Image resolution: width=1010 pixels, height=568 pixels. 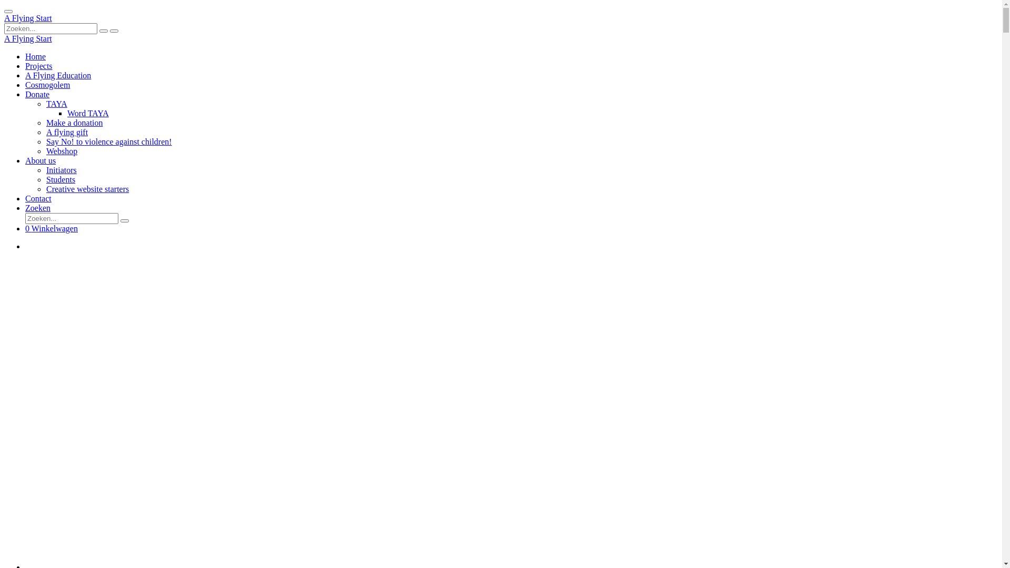 What do you see at coordinates (25, 84) in the screenshot?
I see `'Cosmogolem'` at bounding box center [25, 84].